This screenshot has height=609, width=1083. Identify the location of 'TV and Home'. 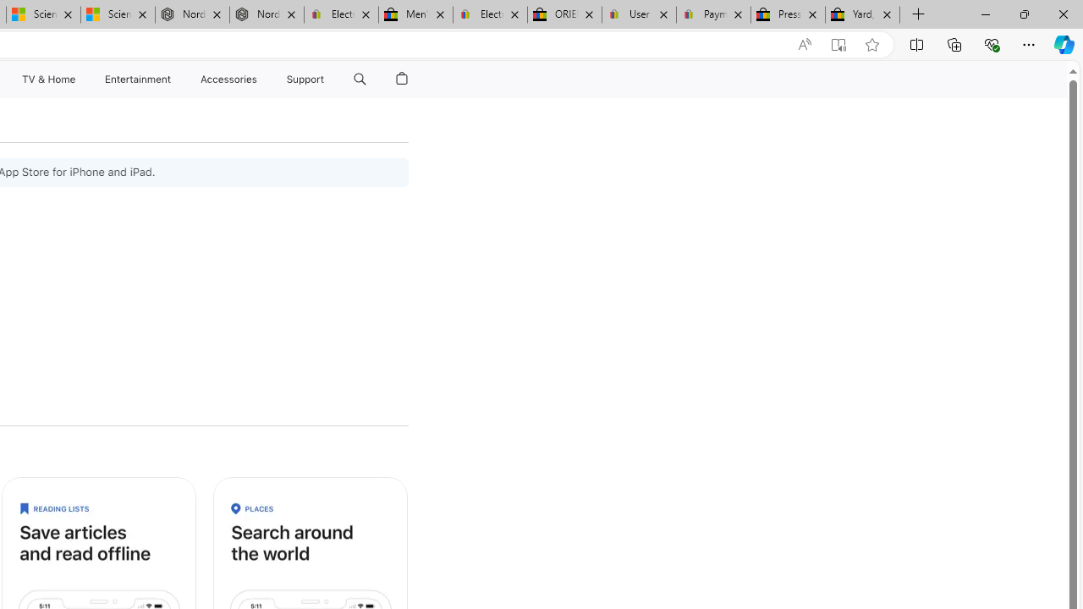
(47, 79).